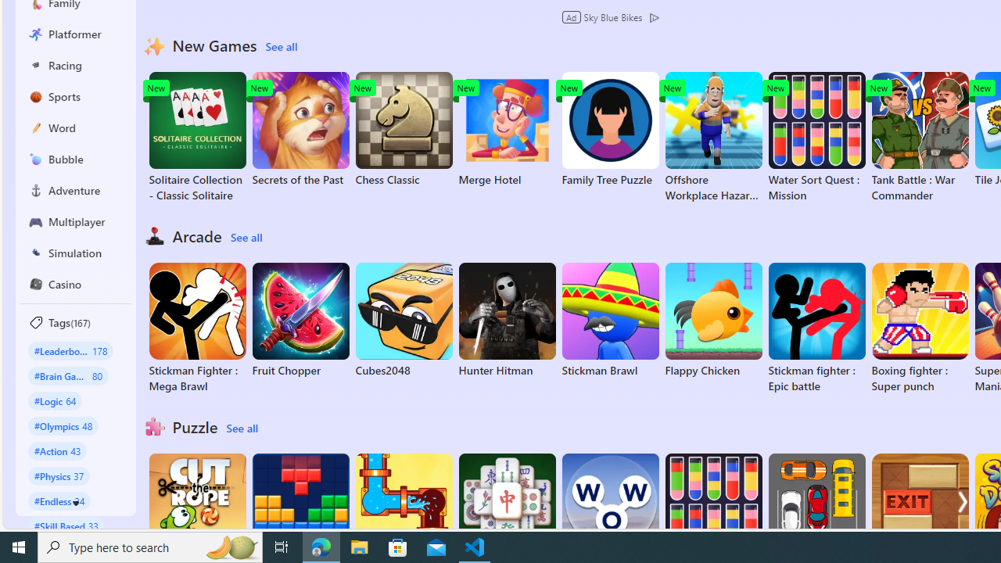 The width and height of the screenshot is (1001, 563). I want to click on 'Hunter Hitman', so click(507, 320).